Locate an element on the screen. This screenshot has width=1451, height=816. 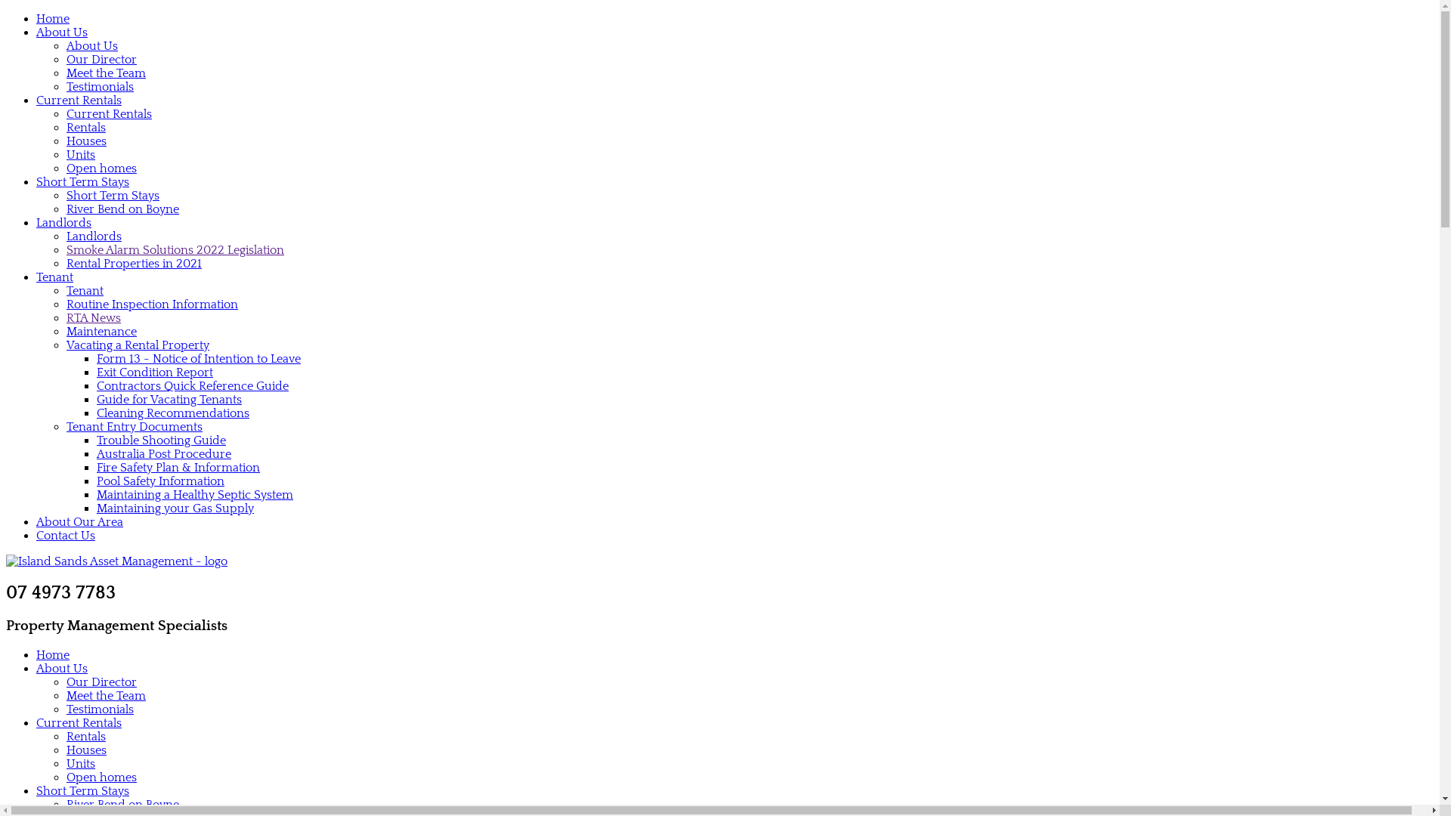
'Maintaining your Gas Supply' is located at coordinates (175, 508).